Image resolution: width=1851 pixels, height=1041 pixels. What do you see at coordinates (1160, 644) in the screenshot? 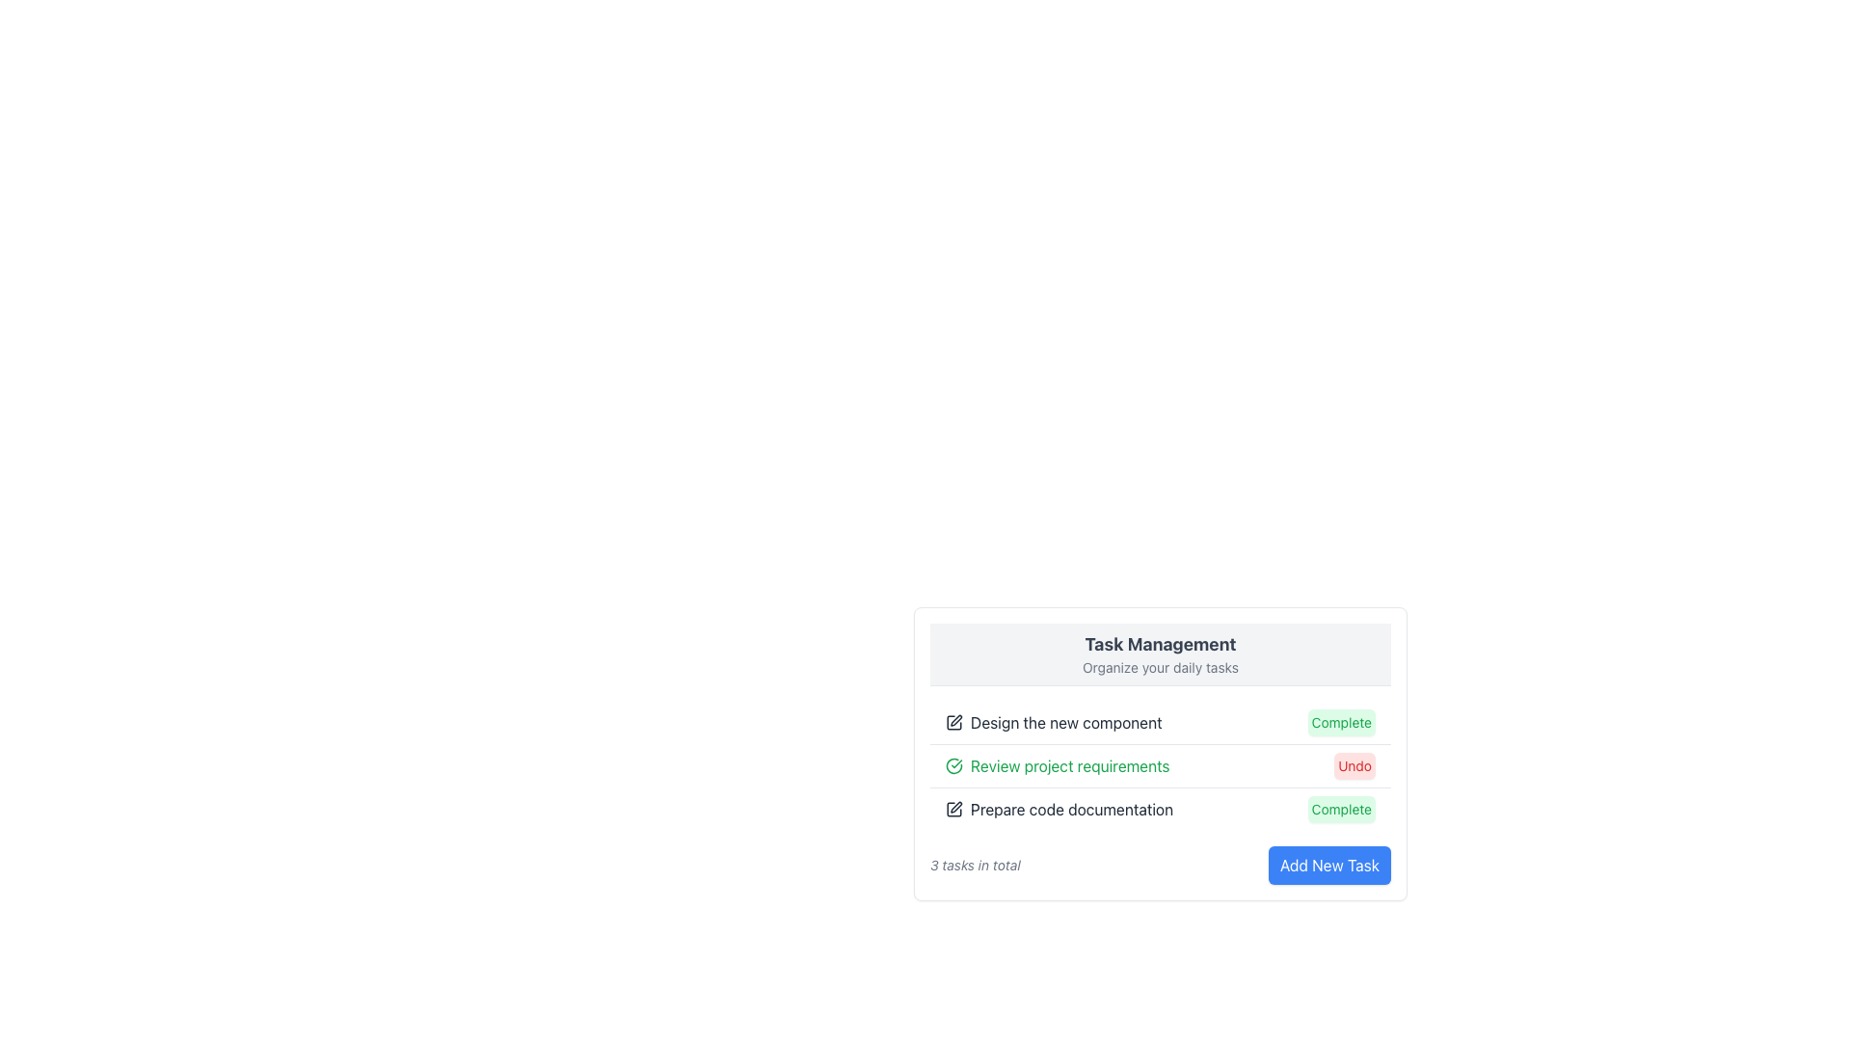
I see `the title text indicating the purpose of the task management section, which is positioned above the text 'Organize your daily tasks'` at bounding box center [1160, 644].